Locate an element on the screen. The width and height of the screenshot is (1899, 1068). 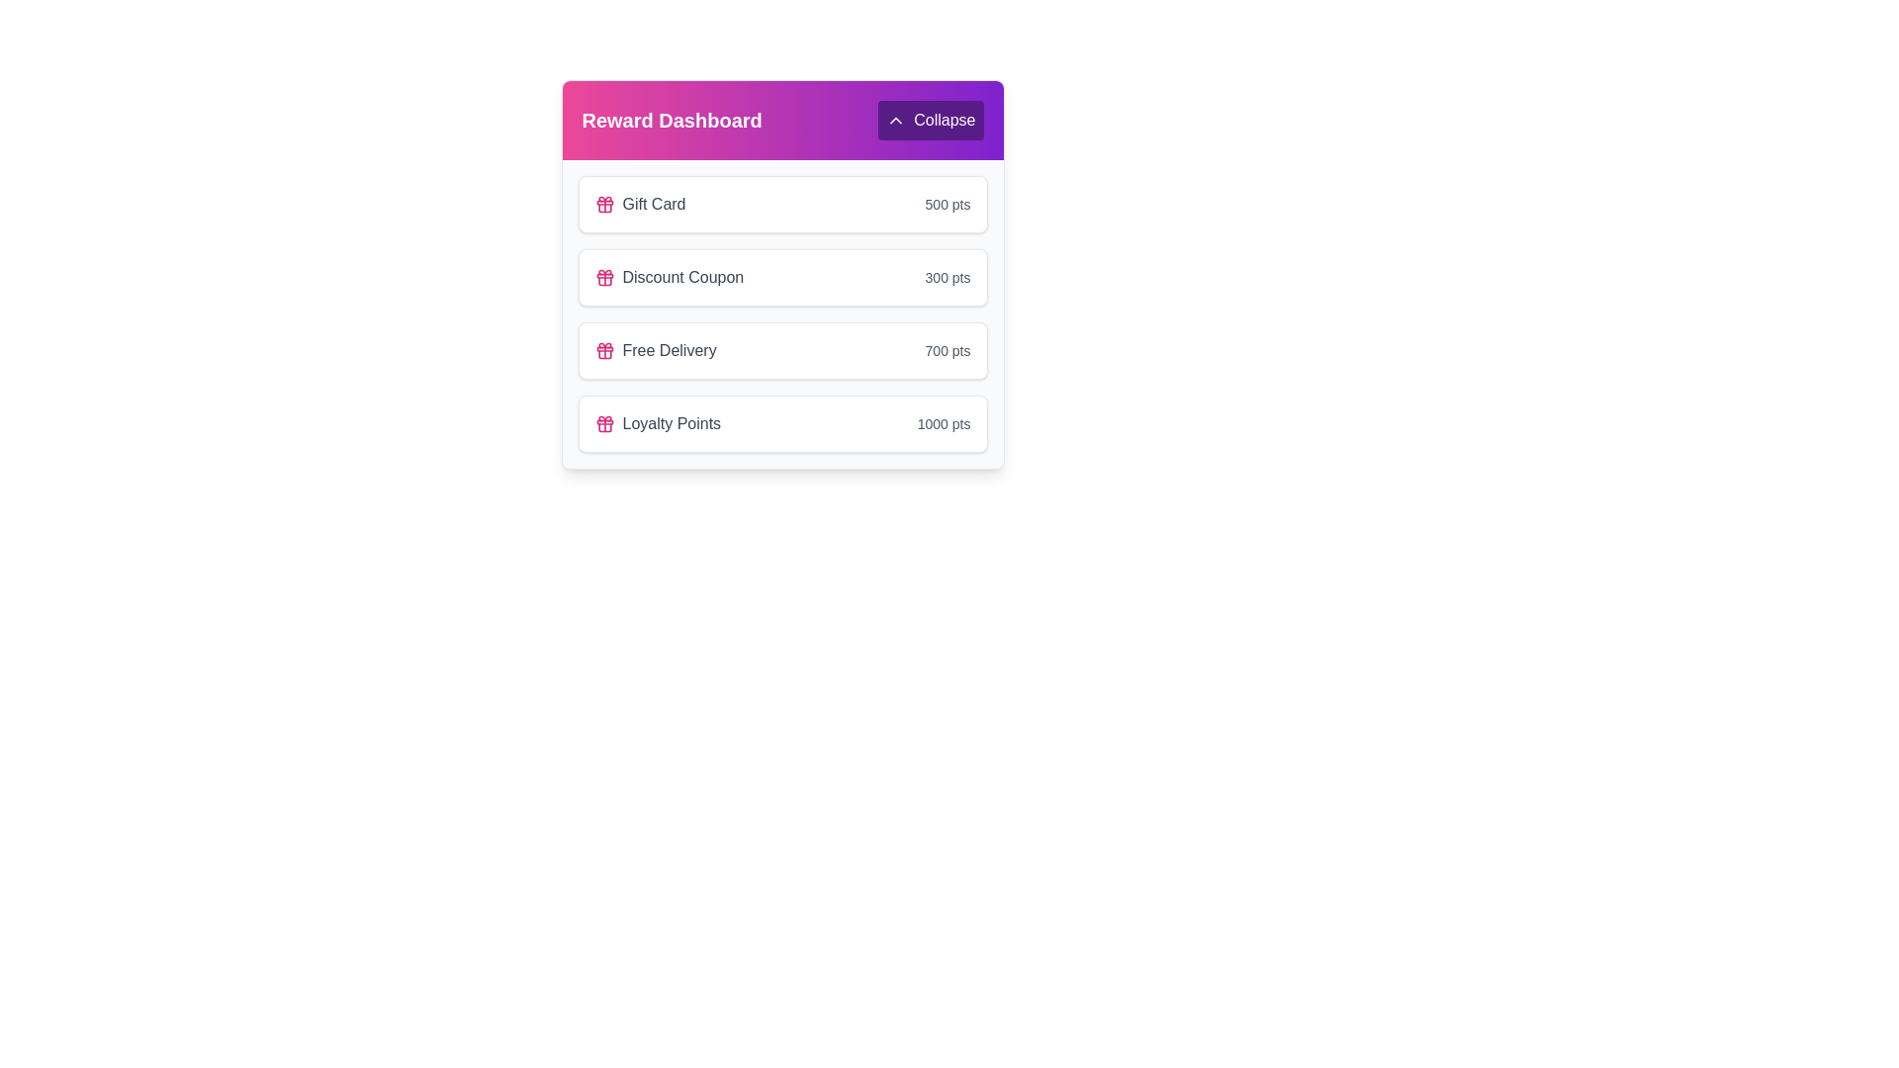
the 'Gift Card' text label, which is styled with medium font weight and gray color, located in the top-left quadrant of the 'Reward Dashboard' panel, immediately to the right of the gift icon is located at coordinates (654, 205).